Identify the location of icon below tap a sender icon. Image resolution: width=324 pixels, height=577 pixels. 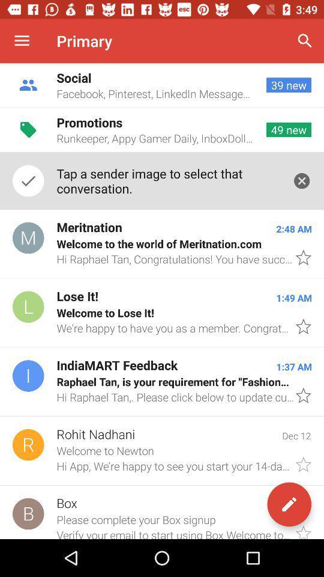
(162, 243).